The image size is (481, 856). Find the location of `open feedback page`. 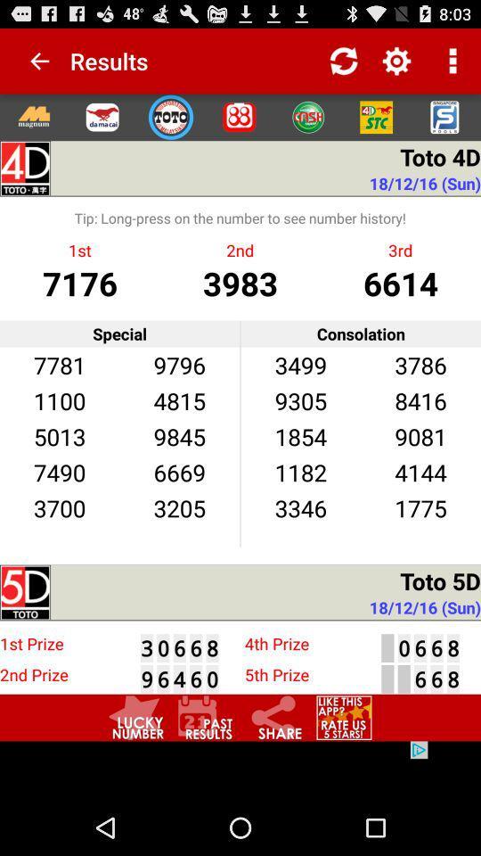

open feedback page is located at coordinates (344, 718).